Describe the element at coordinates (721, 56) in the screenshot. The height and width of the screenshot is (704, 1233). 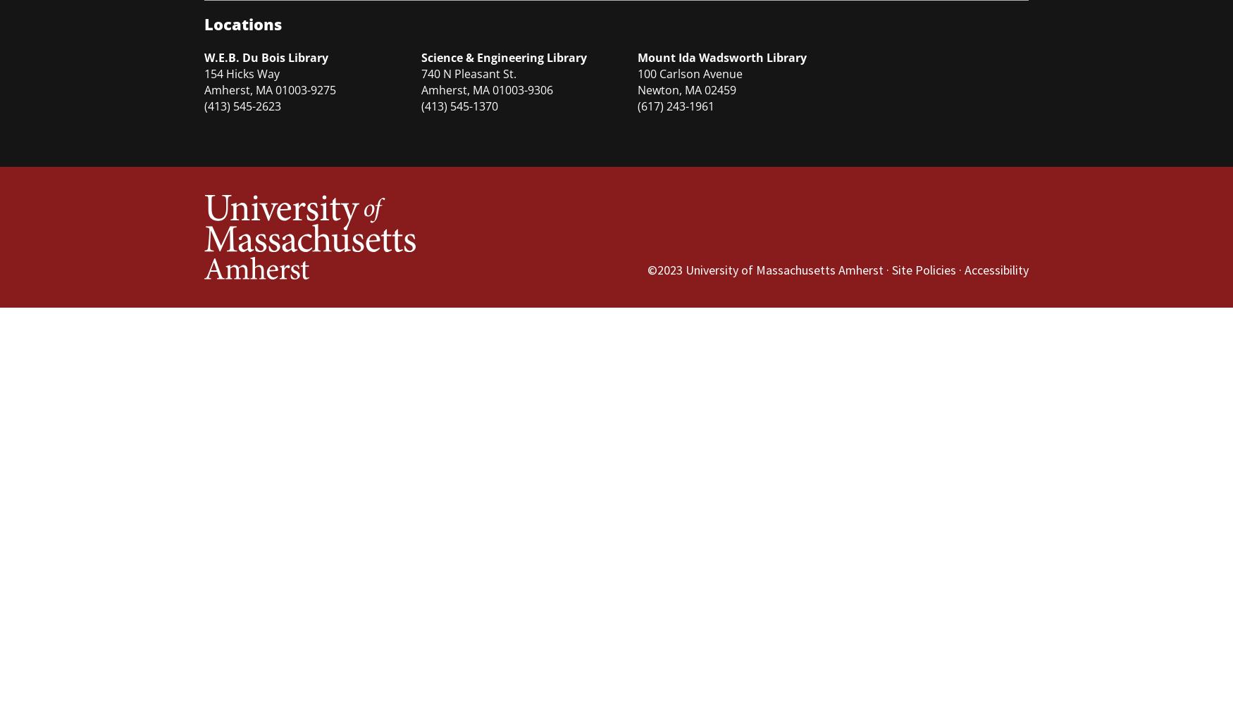
I see `'Mount Ida Wadsworth Library'` at that location.